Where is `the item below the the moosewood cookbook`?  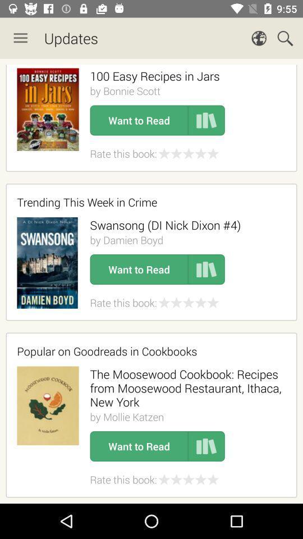 the item below the the moosewood cookbook is located at coordinates (126, 416).